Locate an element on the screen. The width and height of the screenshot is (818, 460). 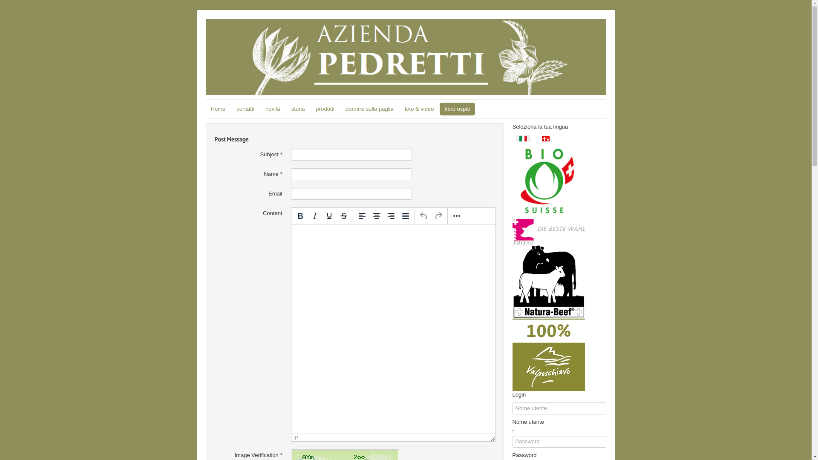
'Sottolineato' is located at coordinates (321, 215).